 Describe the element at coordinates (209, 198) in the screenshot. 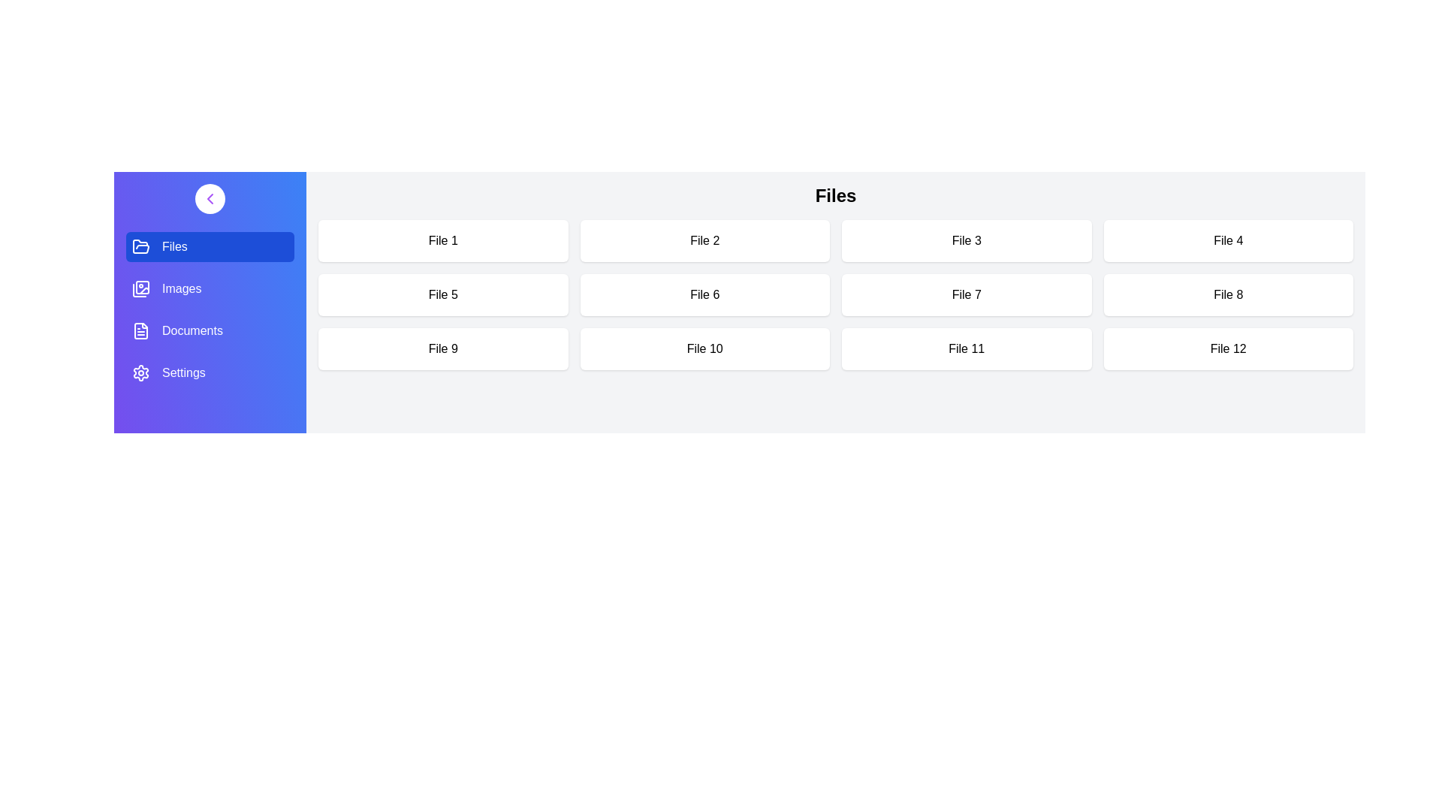

I see `the toggle button at the top of the sidebar to toggle the drawer` at that location.